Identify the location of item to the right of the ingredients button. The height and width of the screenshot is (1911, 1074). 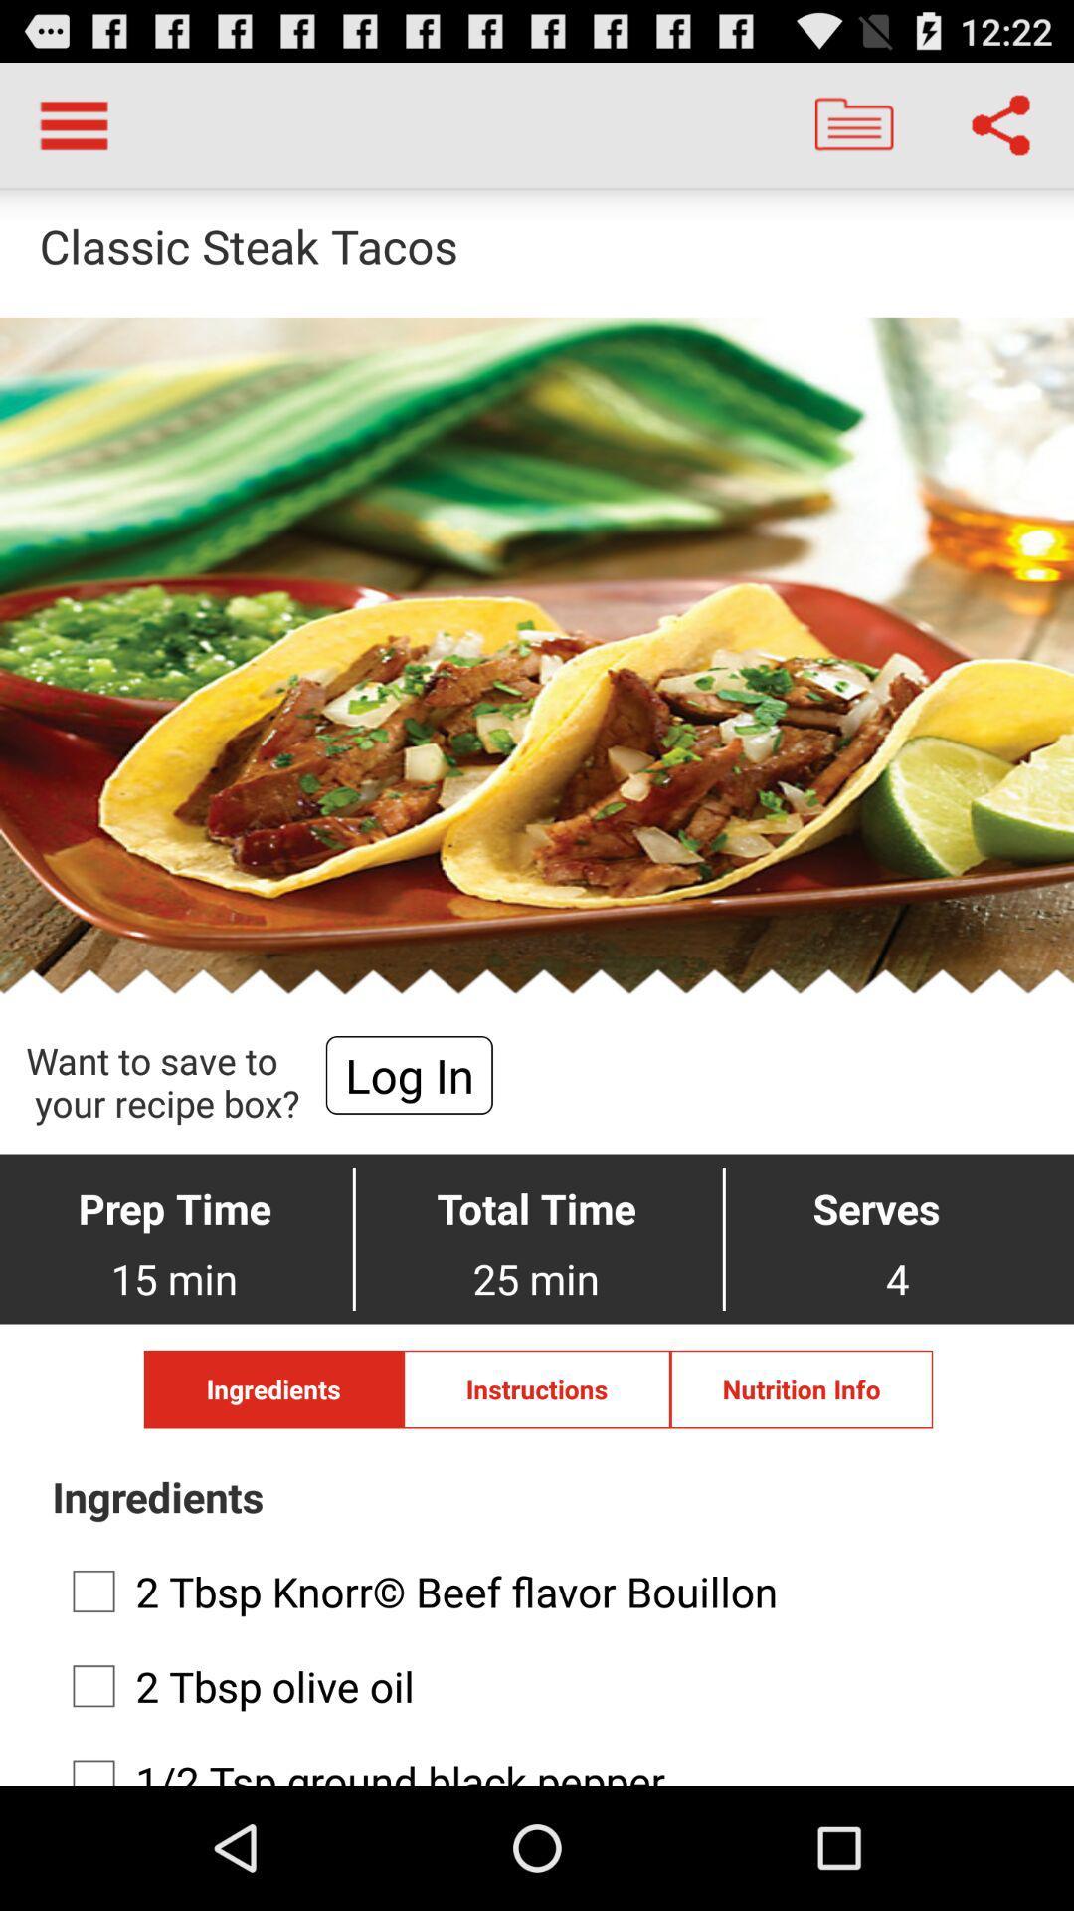
(537, 1388).